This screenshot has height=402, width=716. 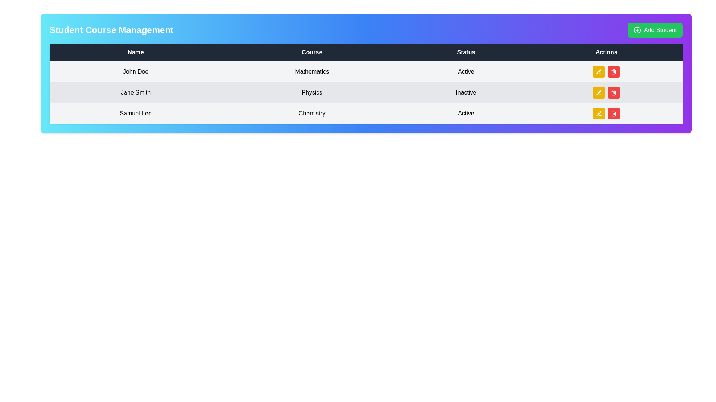 I want to click on the yellow edit button with a pen icon in the Actions column of the first row, so click(x=599, y=71).